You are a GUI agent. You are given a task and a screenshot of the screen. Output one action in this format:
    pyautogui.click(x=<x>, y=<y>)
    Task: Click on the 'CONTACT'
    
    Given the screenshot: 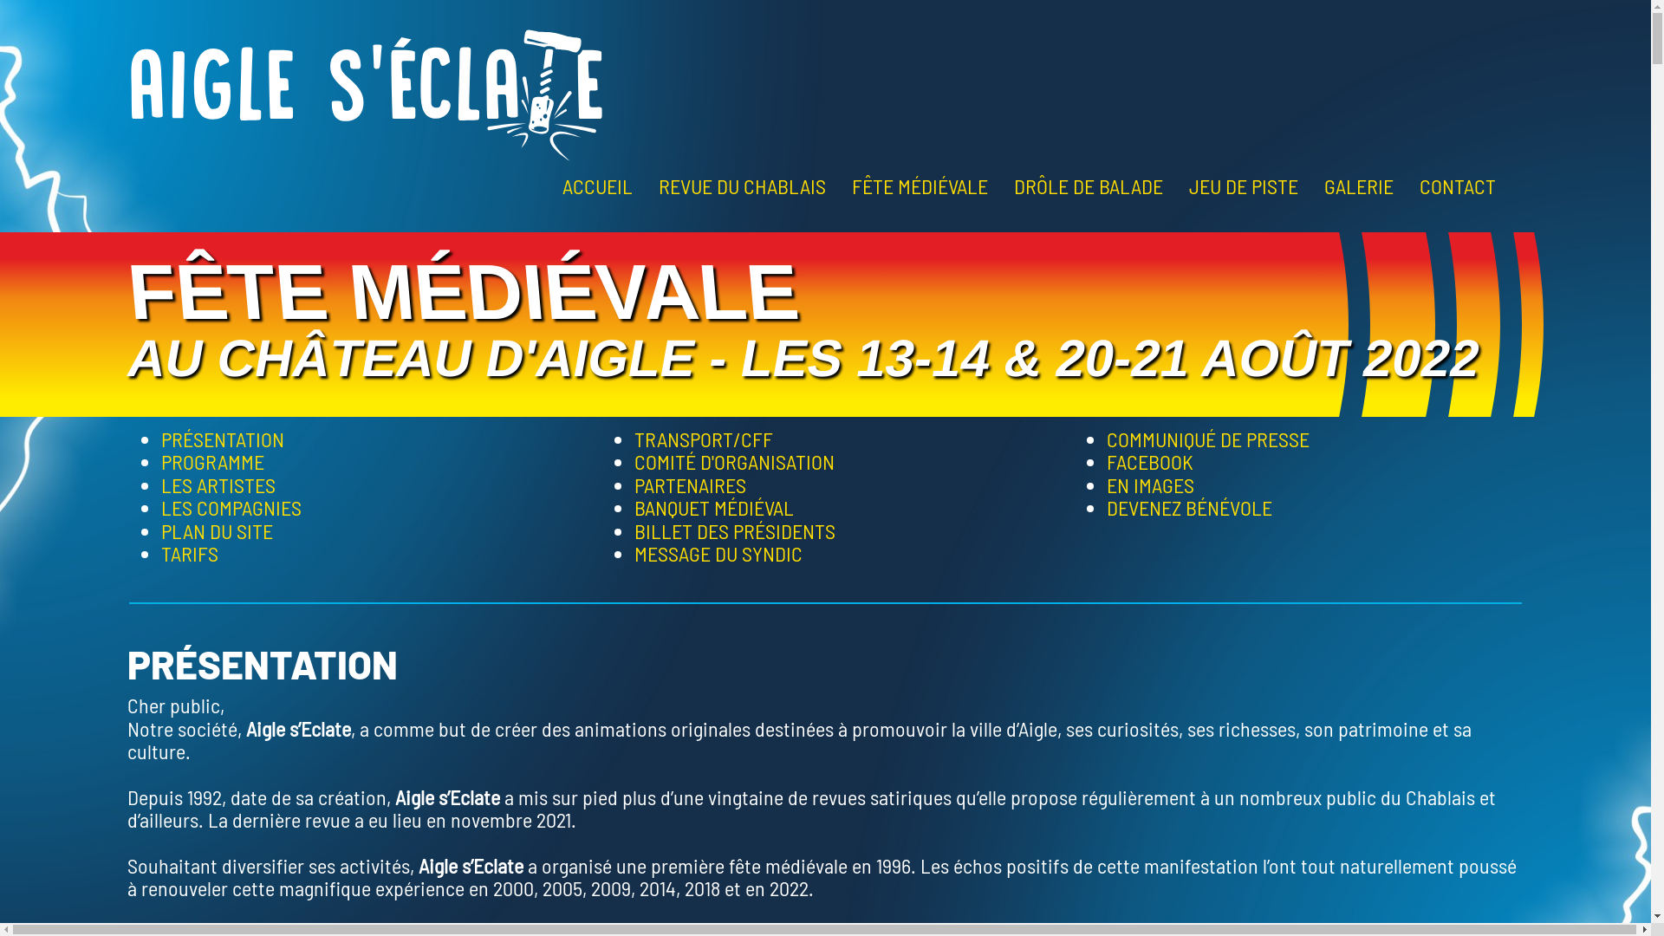 What is the action you would take?
    pyautogui.click(x=1456, y=185)
    